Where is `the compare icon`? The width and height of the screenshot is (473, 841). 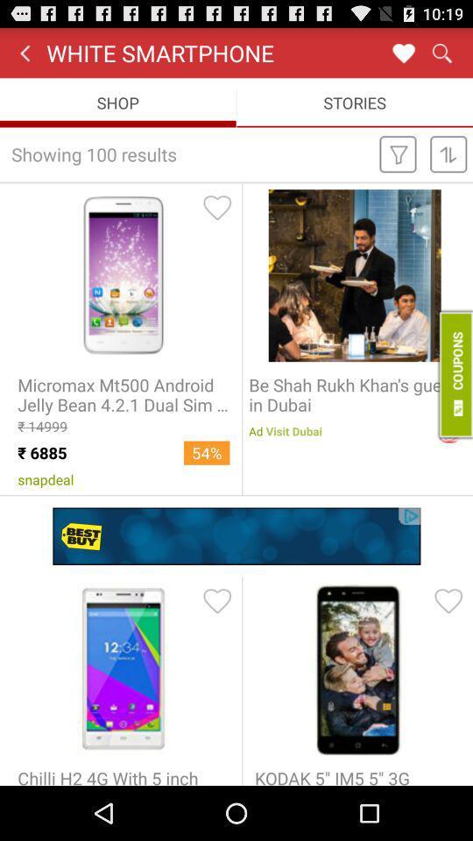 the compare icon is located at coordinates (448, 165).